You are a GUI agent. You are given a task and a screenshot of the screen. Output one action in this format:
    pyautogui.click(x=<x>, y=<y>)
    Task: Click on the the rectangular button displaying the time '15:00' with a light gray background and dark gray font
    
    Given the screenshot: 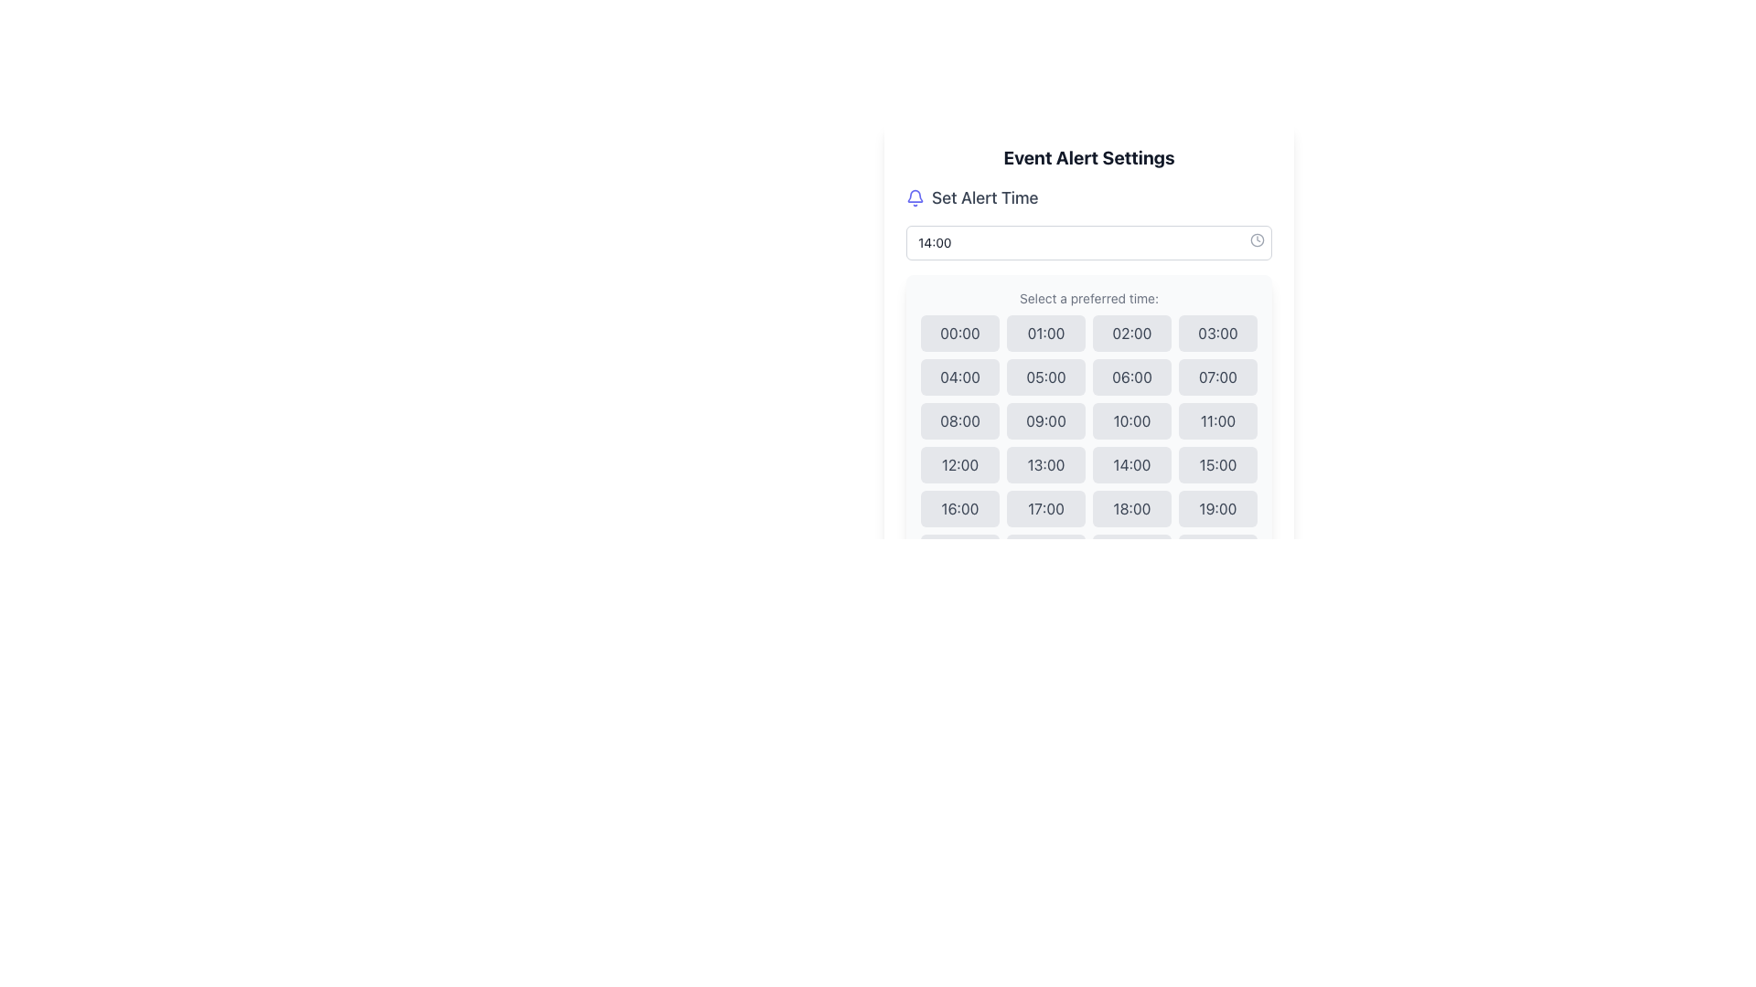 What is the action you would take?
    pyautogui.click(x=1217, y=464)
    